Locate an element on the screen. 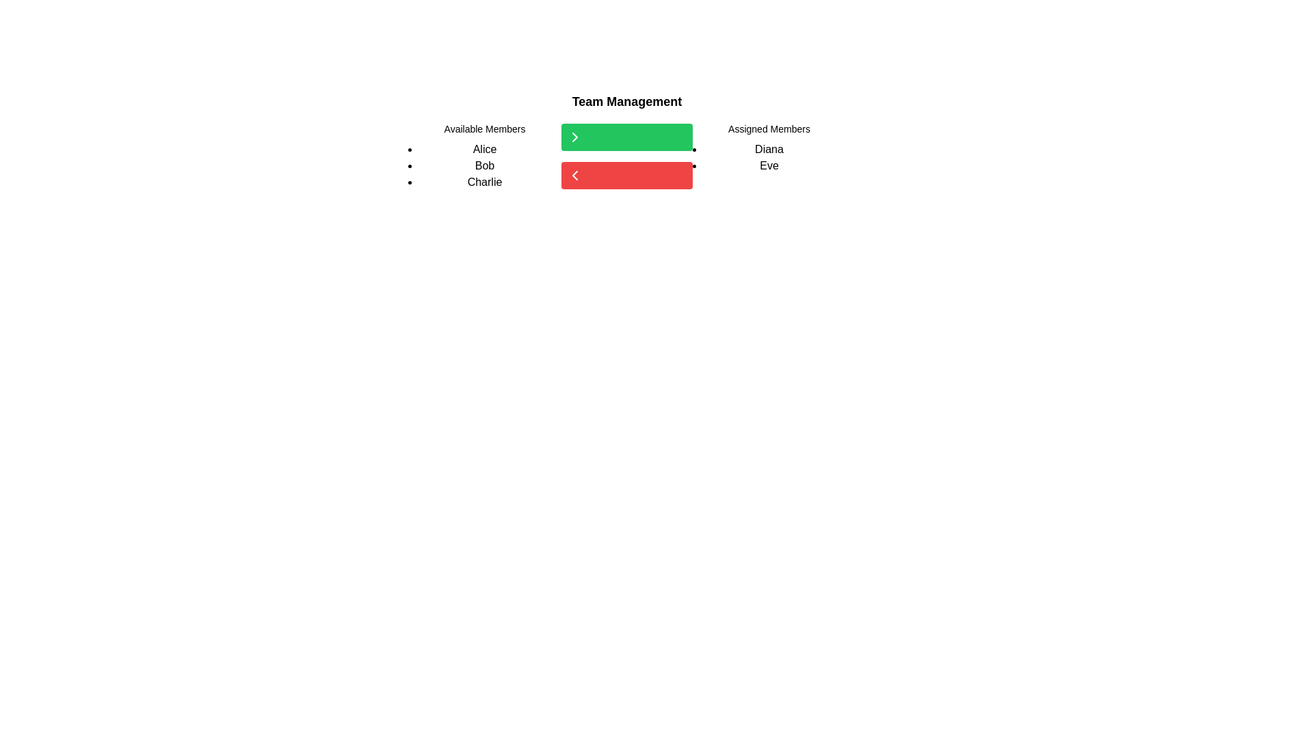 The height and width of the screenshot is (738, 1313). the center of the SVG Icon for assigning members in the Team Management section is located at coordinates (574, 137).